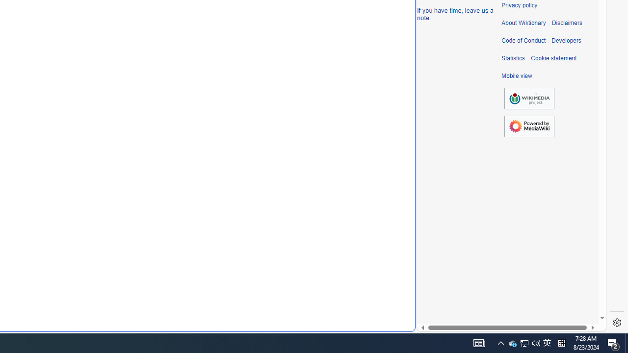 This screenshot has width=628, height=353. Describe the element at coordinates (529, 99) in the screenshot. I see `'Wikimedia Foundation'` at that location.